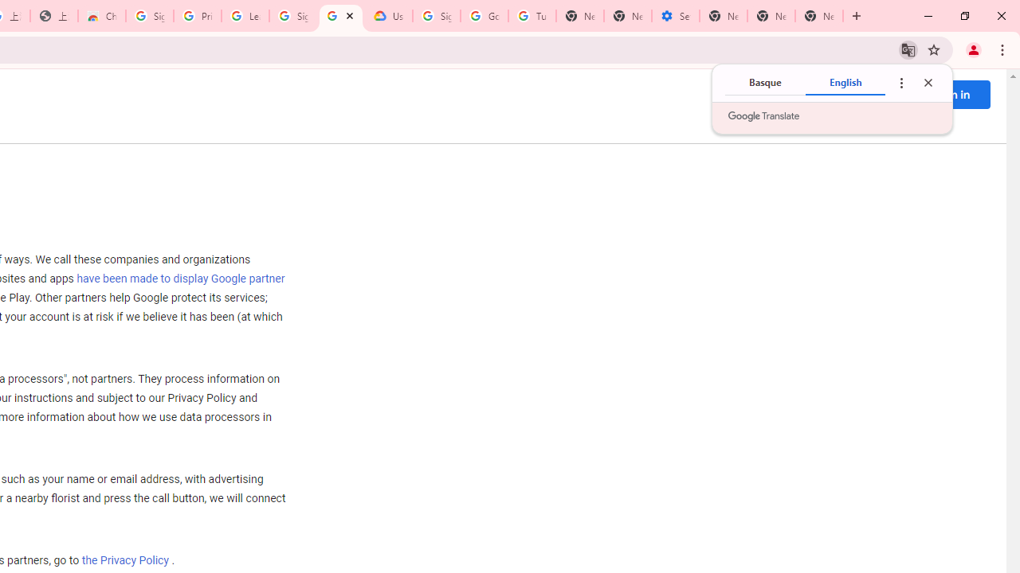 Image resolution: width=1020 pixels, height=573 pixels. Describe the element at coordinates (532, 16) in the screenshot. I see `'Turn cookies on or off - Computer - Google Account Help'` at that location.